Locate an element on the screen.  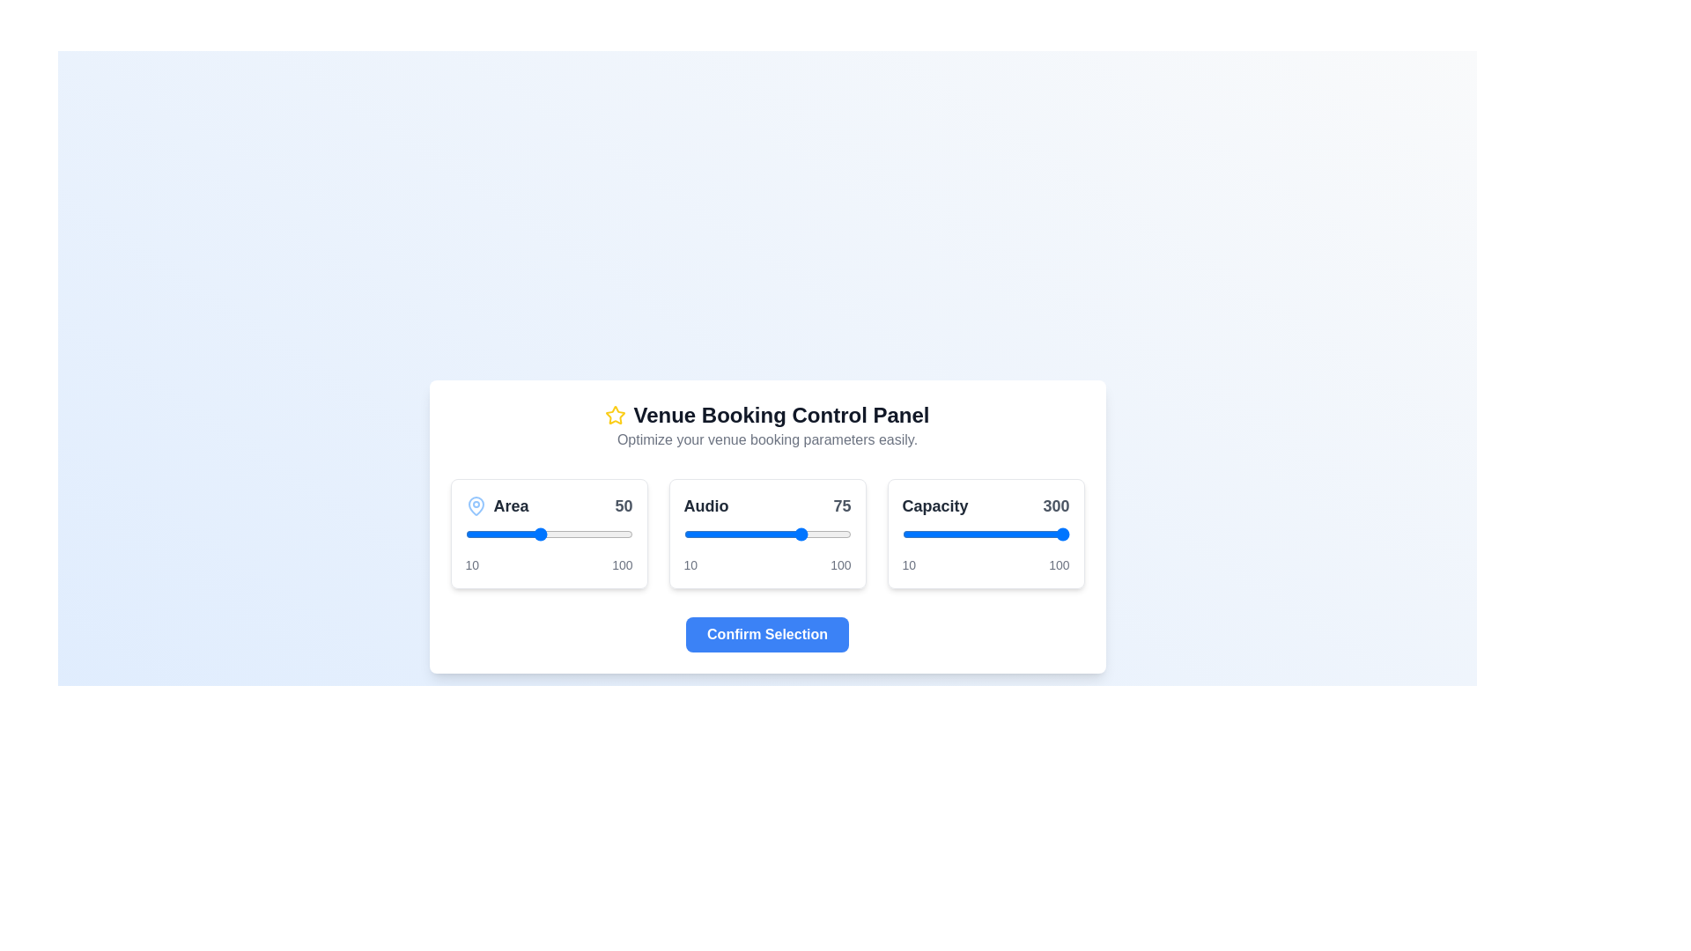
the Area slider is located at coordinates (586, 533).